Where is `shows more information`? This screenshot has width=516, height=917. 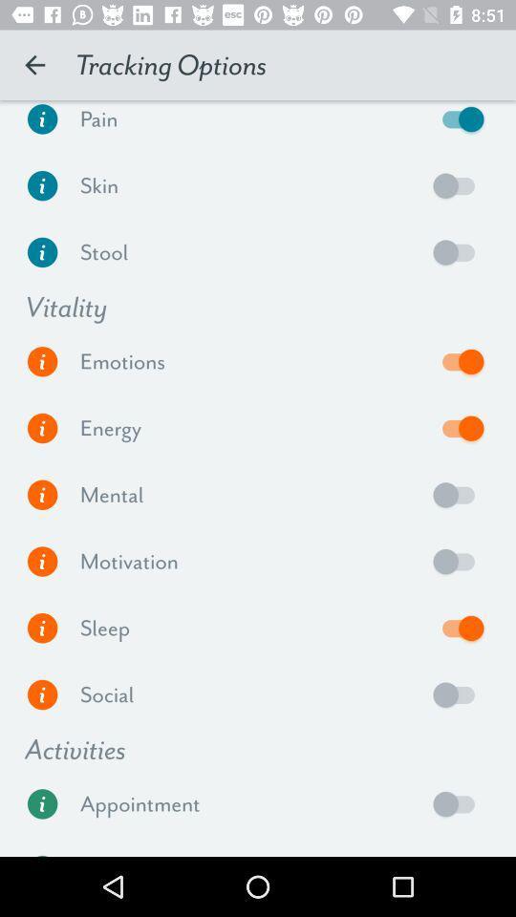 shows more information is located at coordinates (42, 693).